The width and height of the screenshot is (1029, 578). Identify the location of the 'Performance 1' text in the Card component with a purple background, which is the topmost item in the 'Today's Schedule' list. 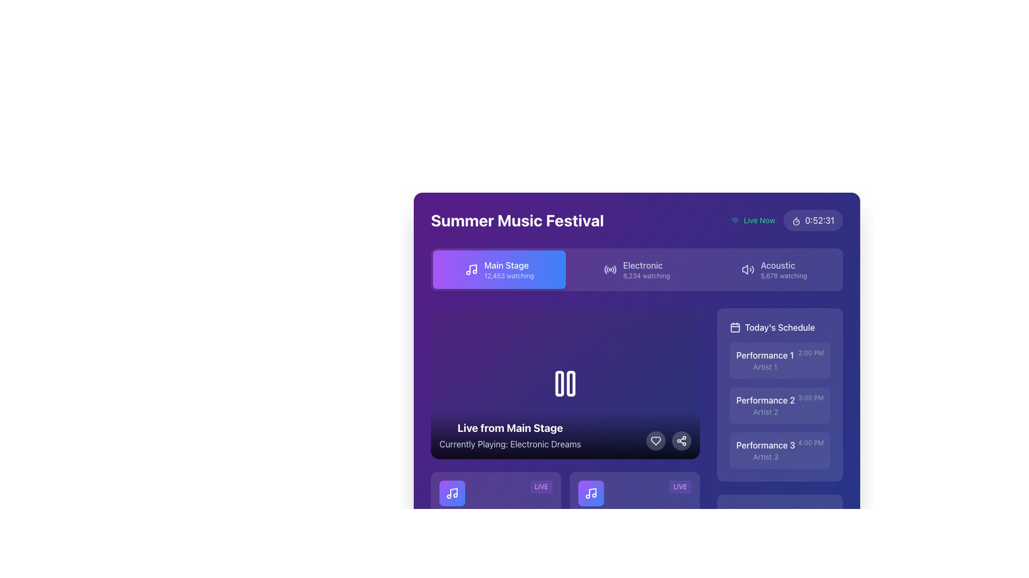
(780, 361).